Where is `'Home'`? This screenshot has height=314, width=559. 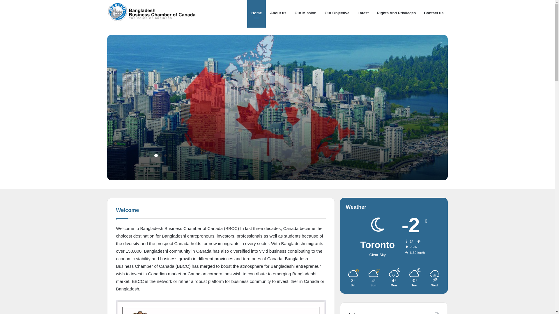
'Home' is located at coordinates (256, 13).